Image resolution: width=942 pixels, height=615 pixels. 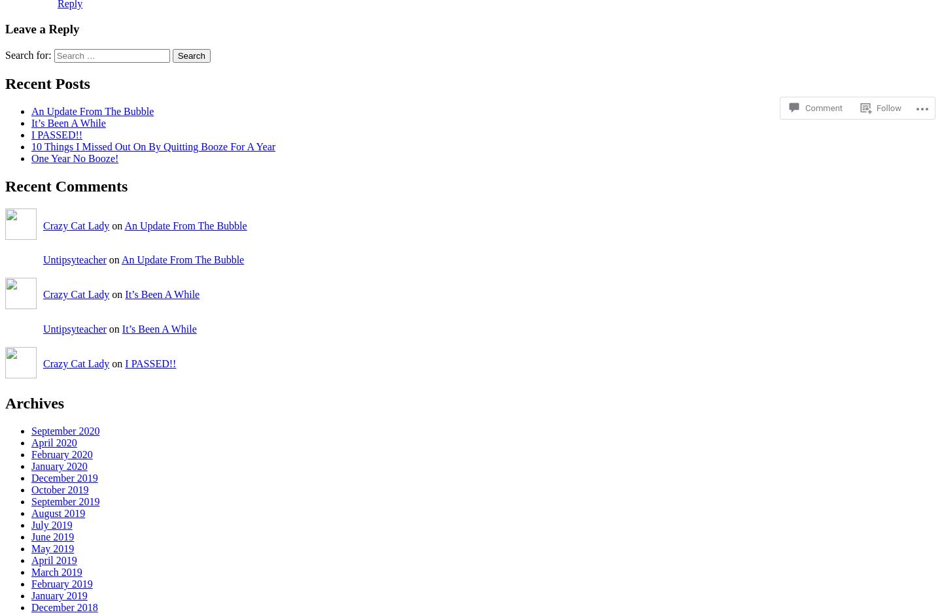 I want to click on 'October 2019', so click(x=60, y=488).